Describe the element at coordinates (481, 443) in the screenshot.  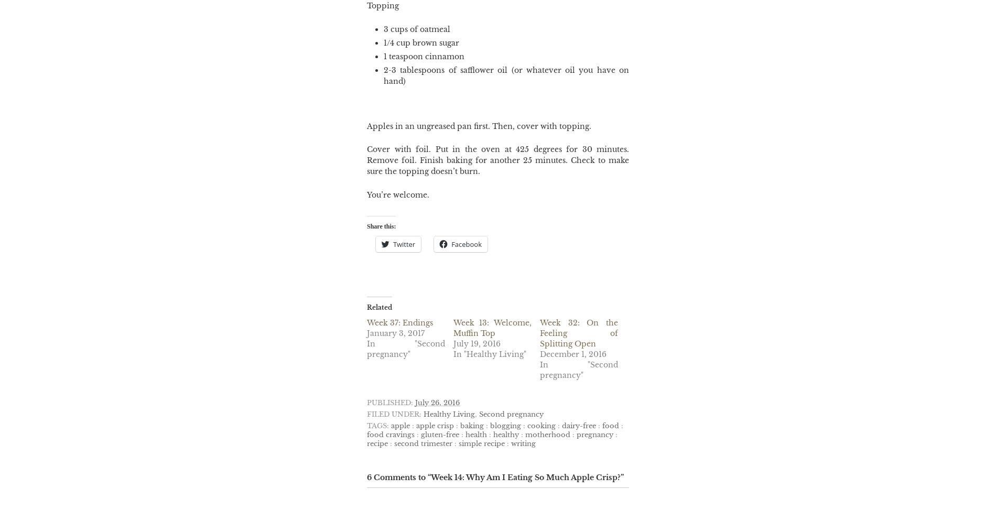
I see `'simple recipe'` at that location.